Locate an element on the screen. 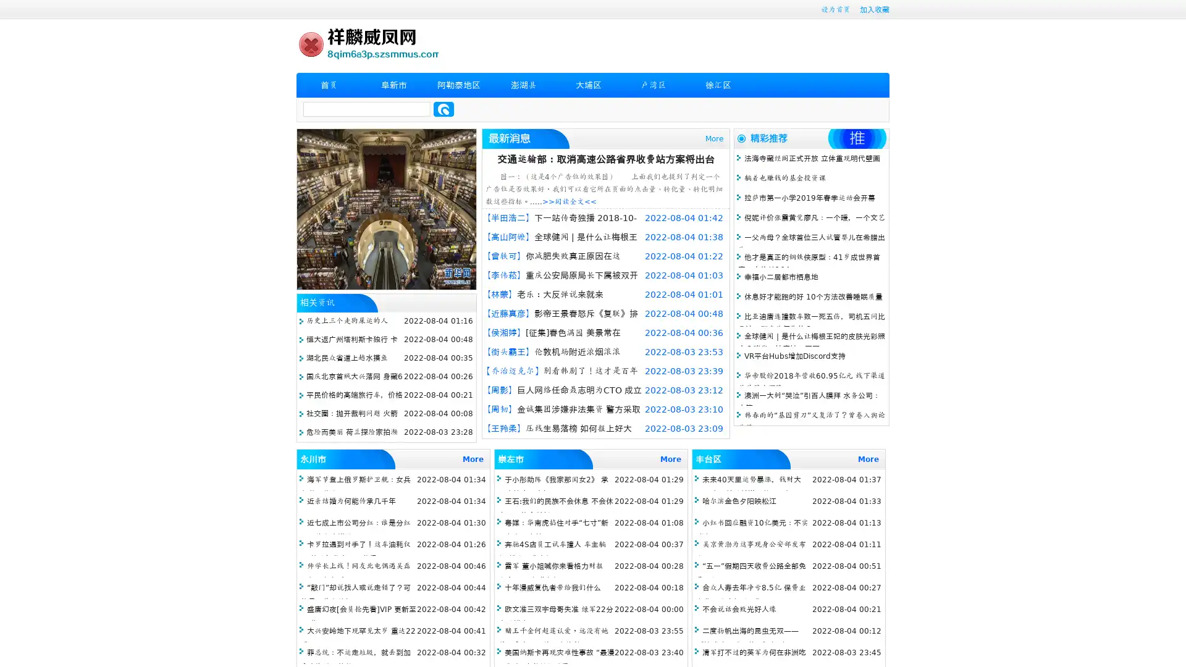 The width and height of the screenshot is (1186, 667). Search is located at coordinates (444, 109).